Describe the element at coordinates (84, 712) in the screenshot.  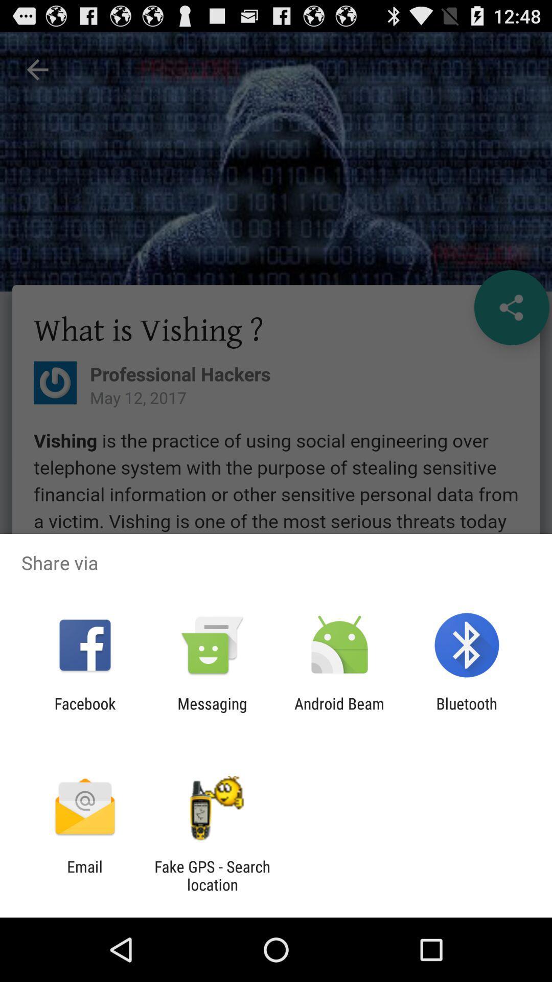
I see `app to the left of messaging item` at that location.